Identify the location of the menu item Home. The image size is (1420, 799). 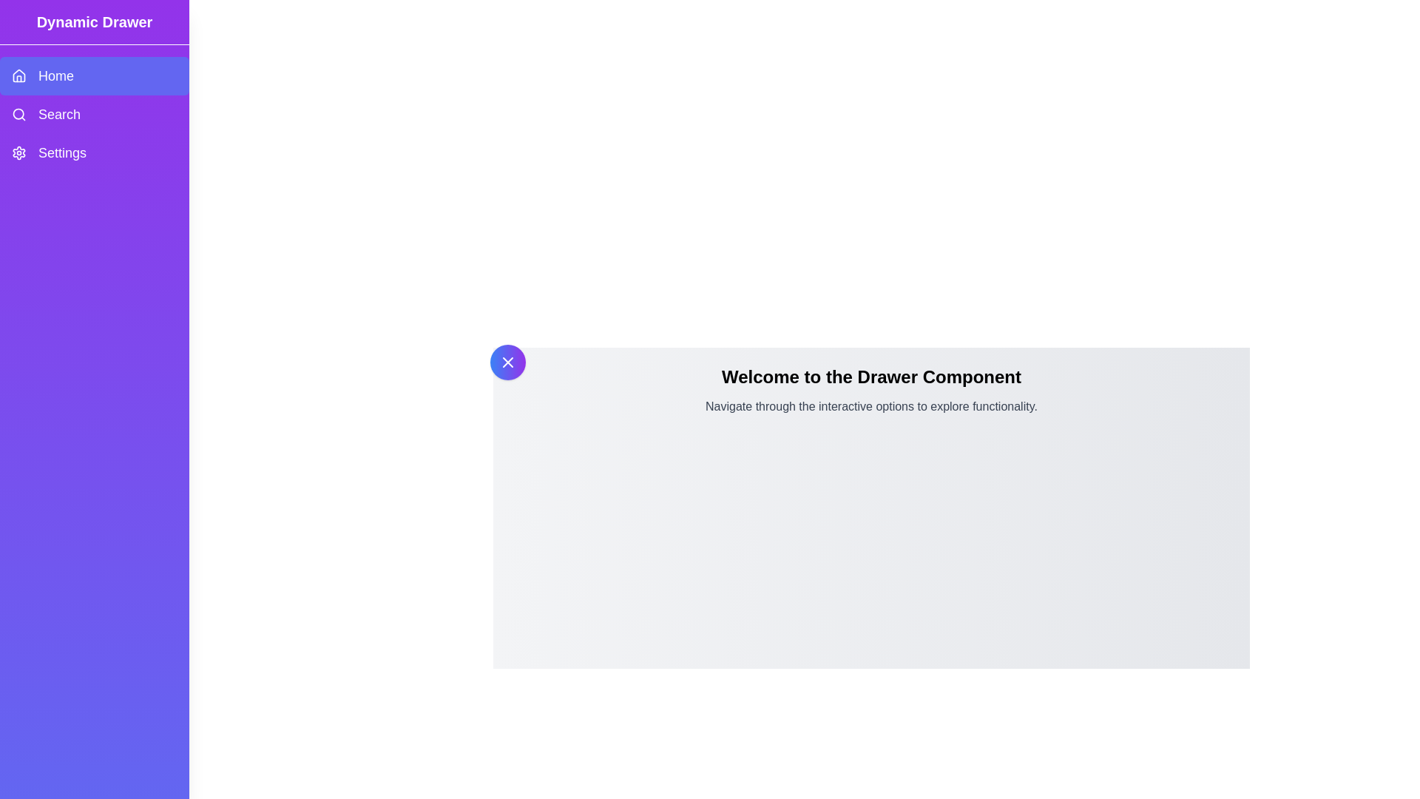
(94, 76).